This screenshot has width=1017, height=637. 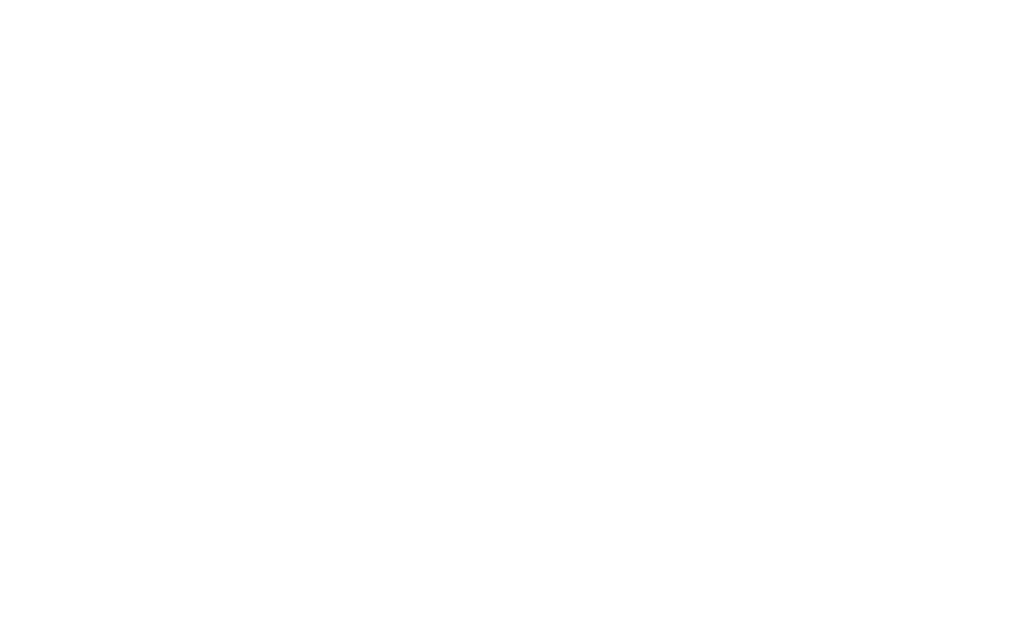 What do you see at coordinates (273, 324) in the screenshot?
I see `'THE LEGO® MOVIE 2™ © & ™. Warner Bros. Entertainment Inc., & The LEGO Group. LEGO, the LEGO logo, the Minifigure and the Brick and Knob configurations and LEGOLAND are trademarks and/or copyrights of the LEGO Group. ©2023 The LEGO Group. All rights reserved'` at bounding box center [273, 324].